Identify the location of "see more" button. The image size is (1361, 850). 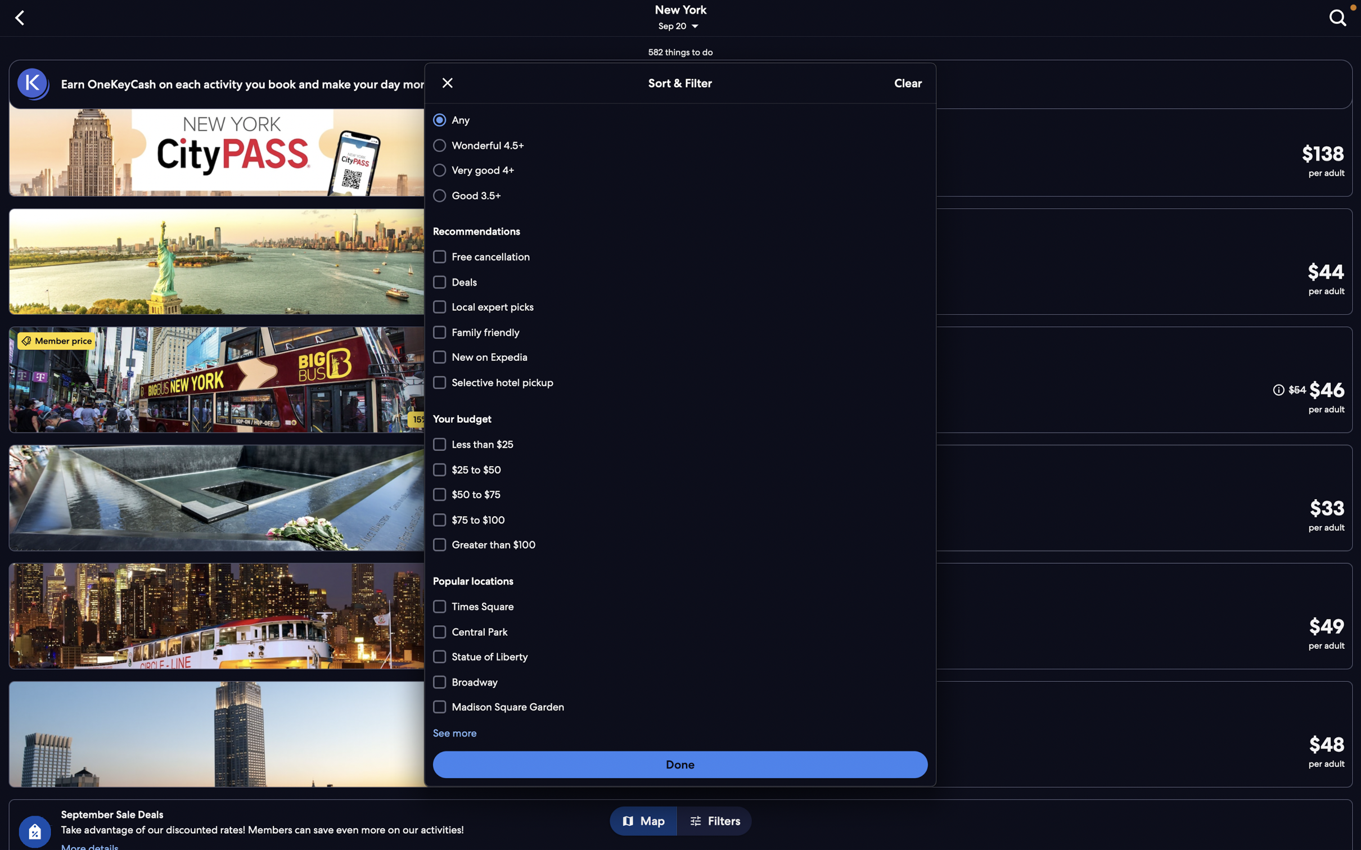
(454, 734).